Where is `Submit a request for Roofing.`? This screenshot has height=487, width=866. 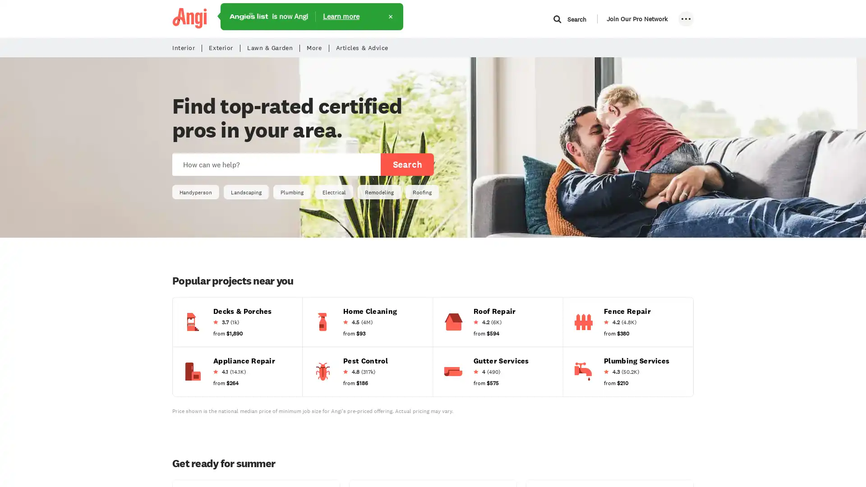 Submit a request for Roofing. is located at coordinates (422, 191).